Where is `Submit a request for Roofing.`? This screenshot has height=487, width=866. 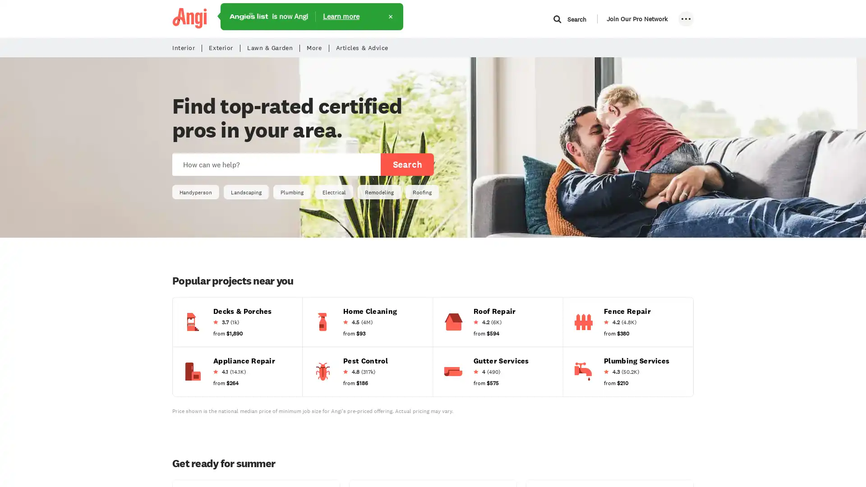 Submit a request for Roofing. is located at coordinates (422, 191).